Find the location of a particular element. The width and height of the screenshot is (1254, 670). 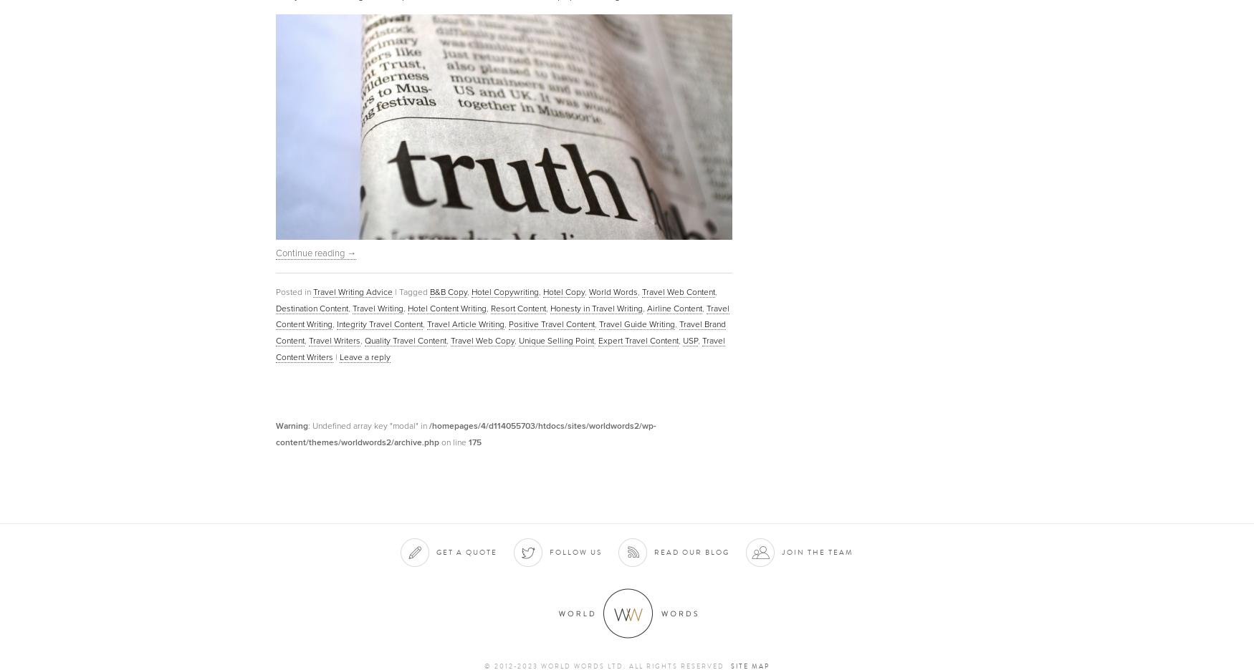

'Tagged' is located at coordinates (413, 290).